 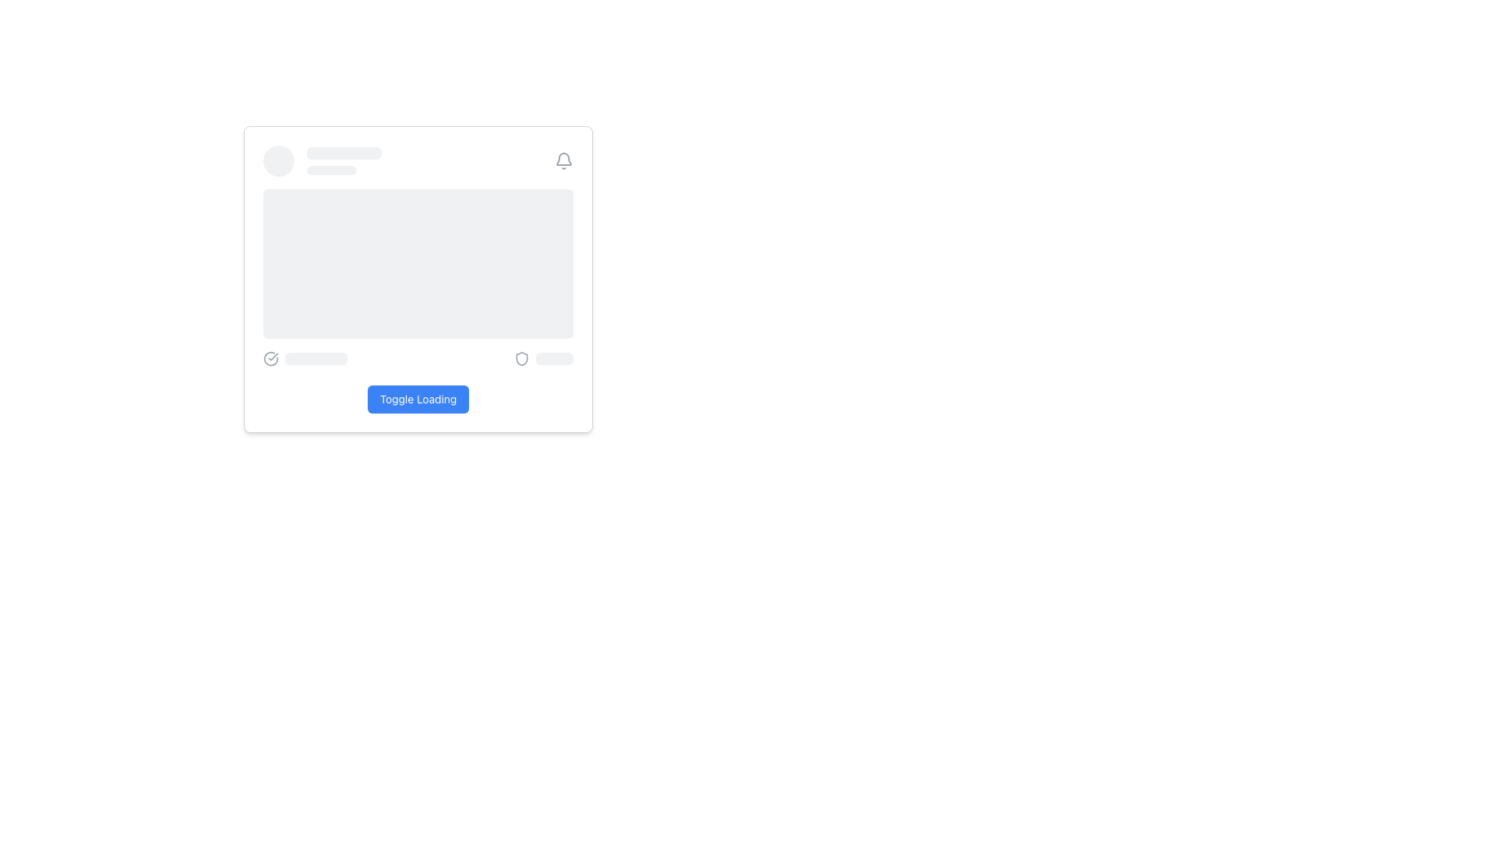 What do you see at coordinates (522, 359) in the screenshot?
I see `the security status indicated by the stylized shield icon located at the bottom-right section of the card-like interface` at bounding box center [522, 359].